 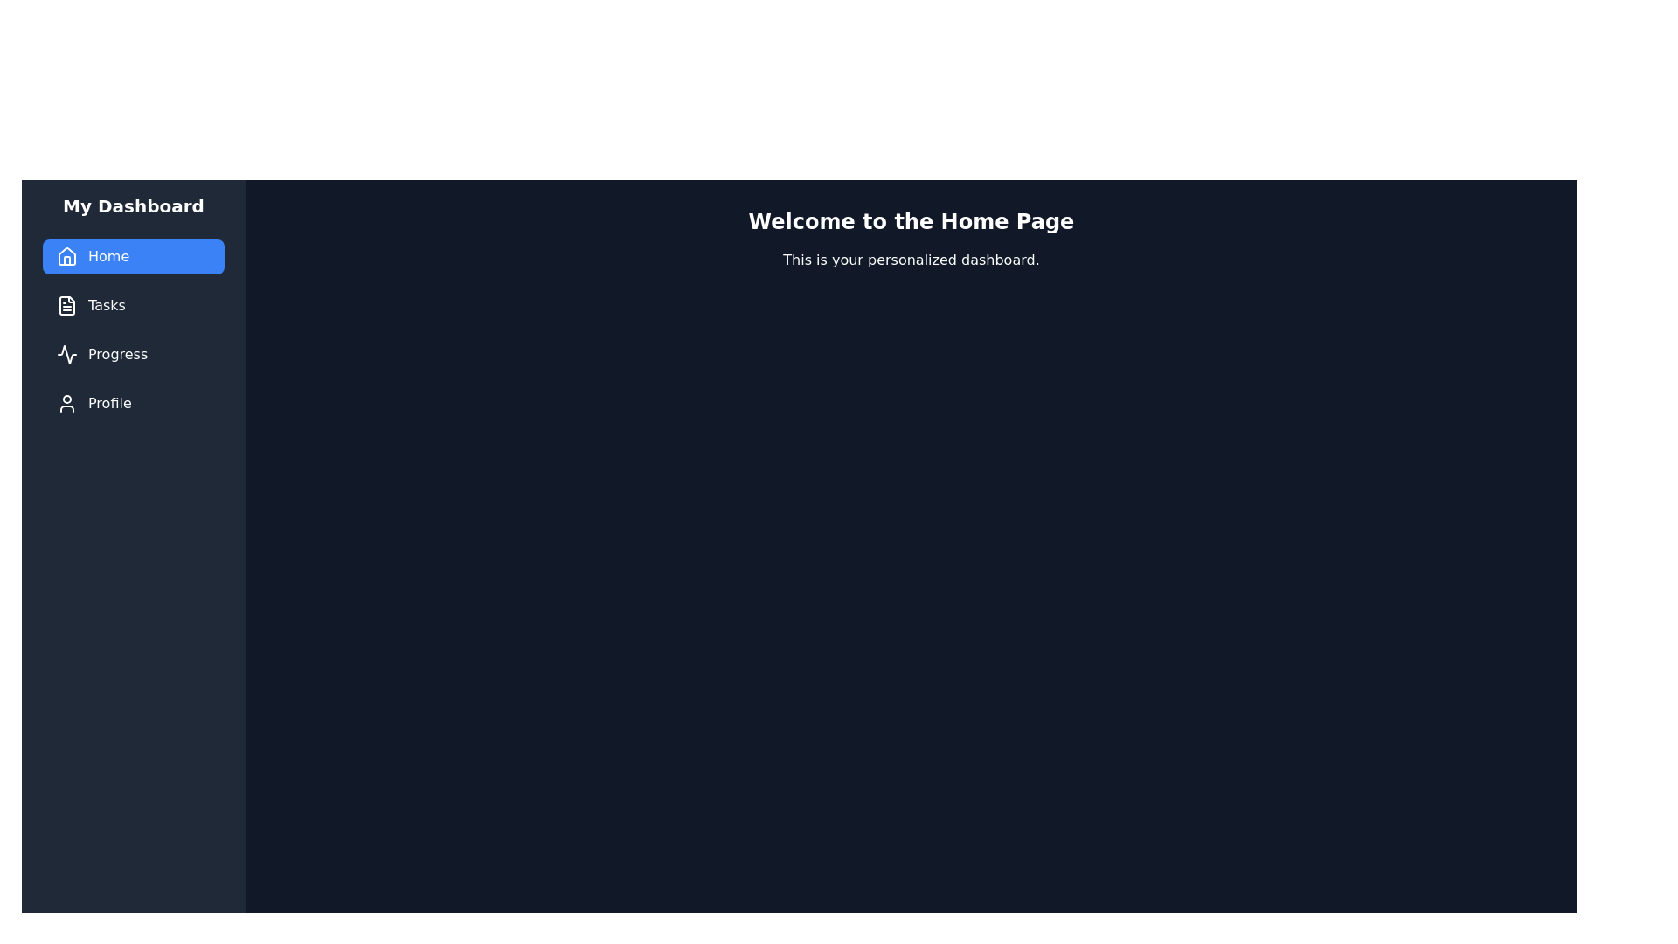 What do you see at coordinates (133, 404) in the screenshot?
I see `the profile navigation button located at the bottom of the vertical menu on the left-hand side of the interface` at bounding box center [133, 404].